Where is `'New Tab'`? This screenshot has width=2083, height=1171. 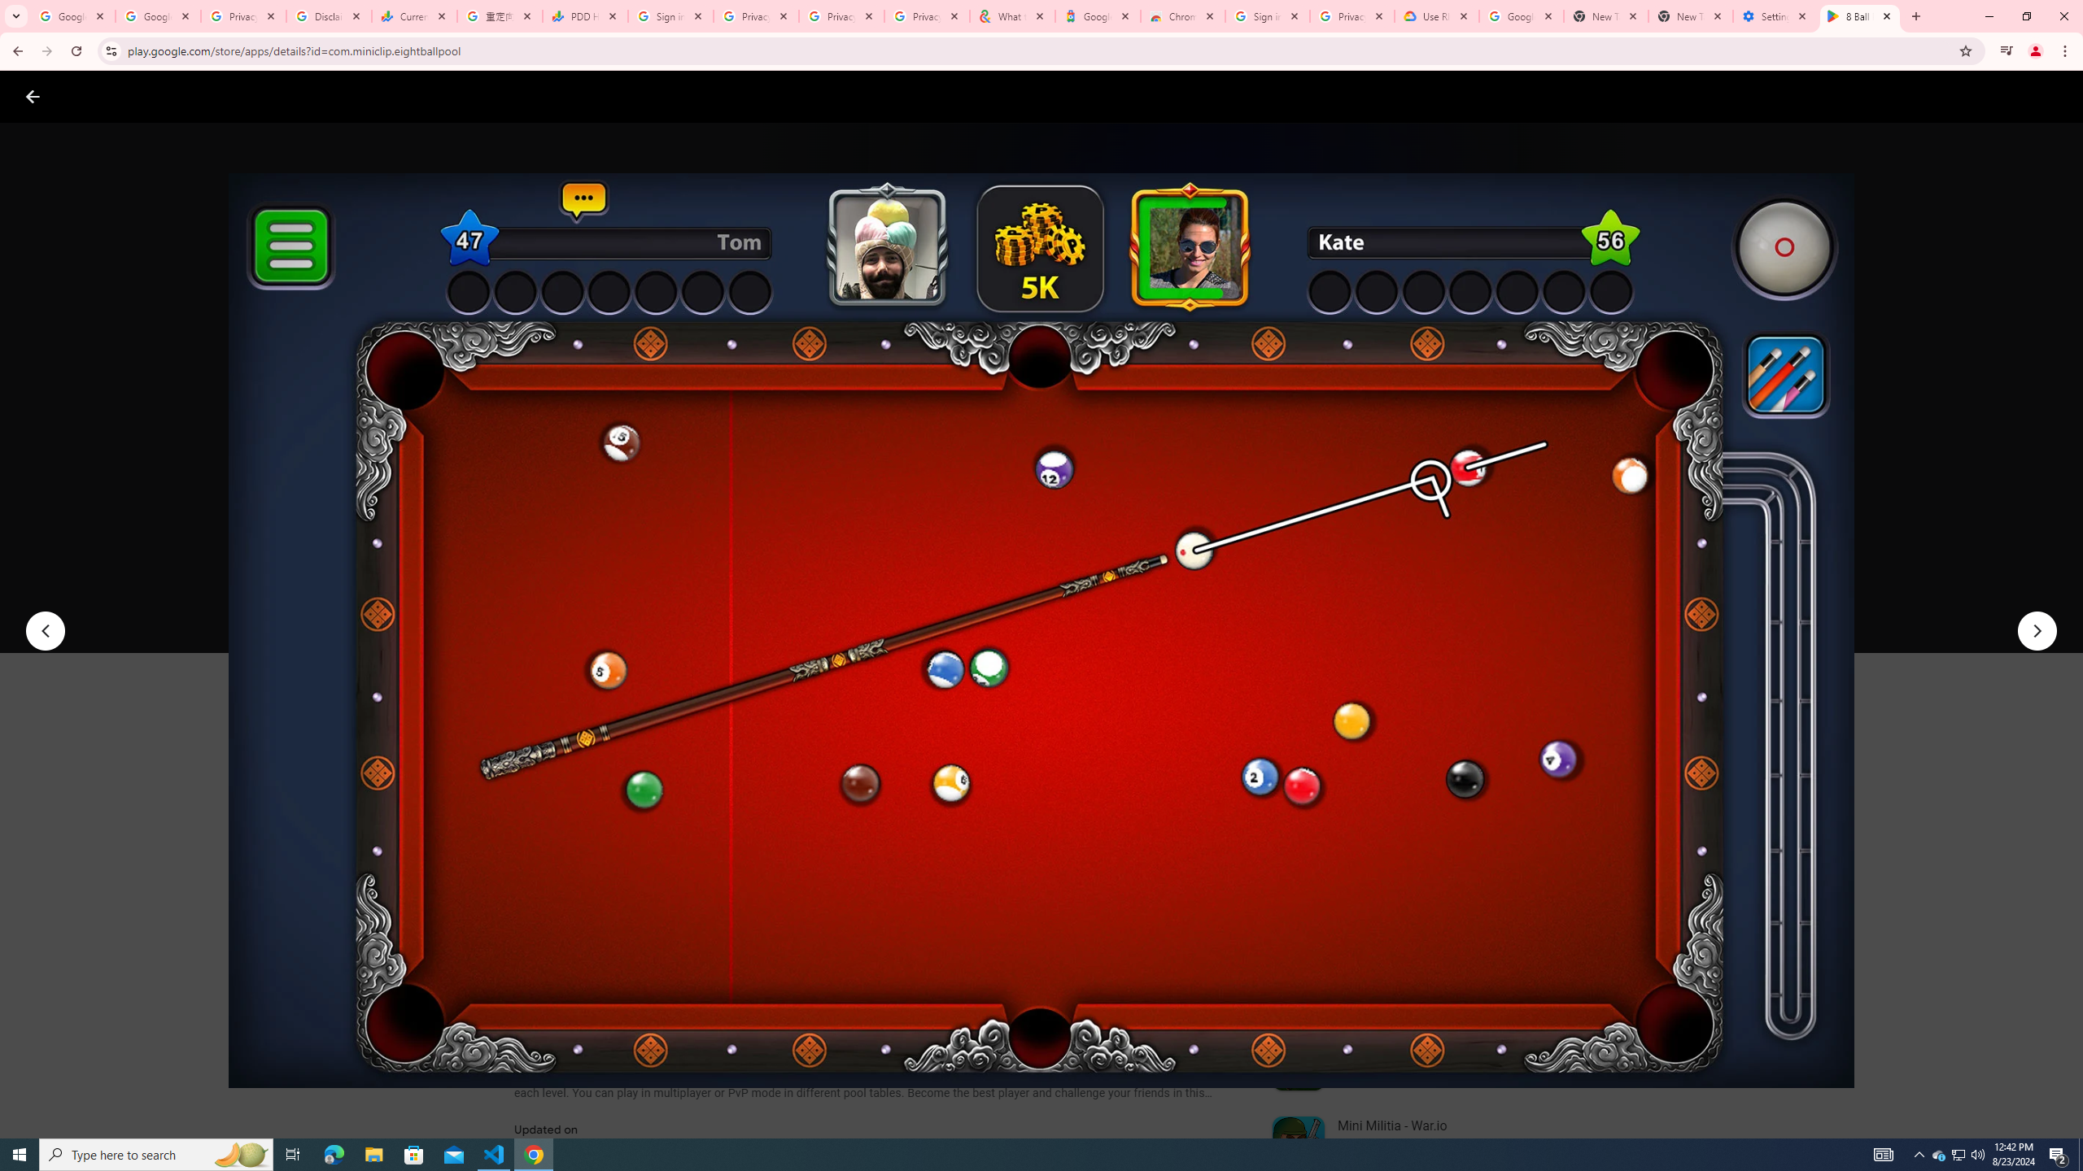 'New Tab' is located at coordinates (1691, 15).